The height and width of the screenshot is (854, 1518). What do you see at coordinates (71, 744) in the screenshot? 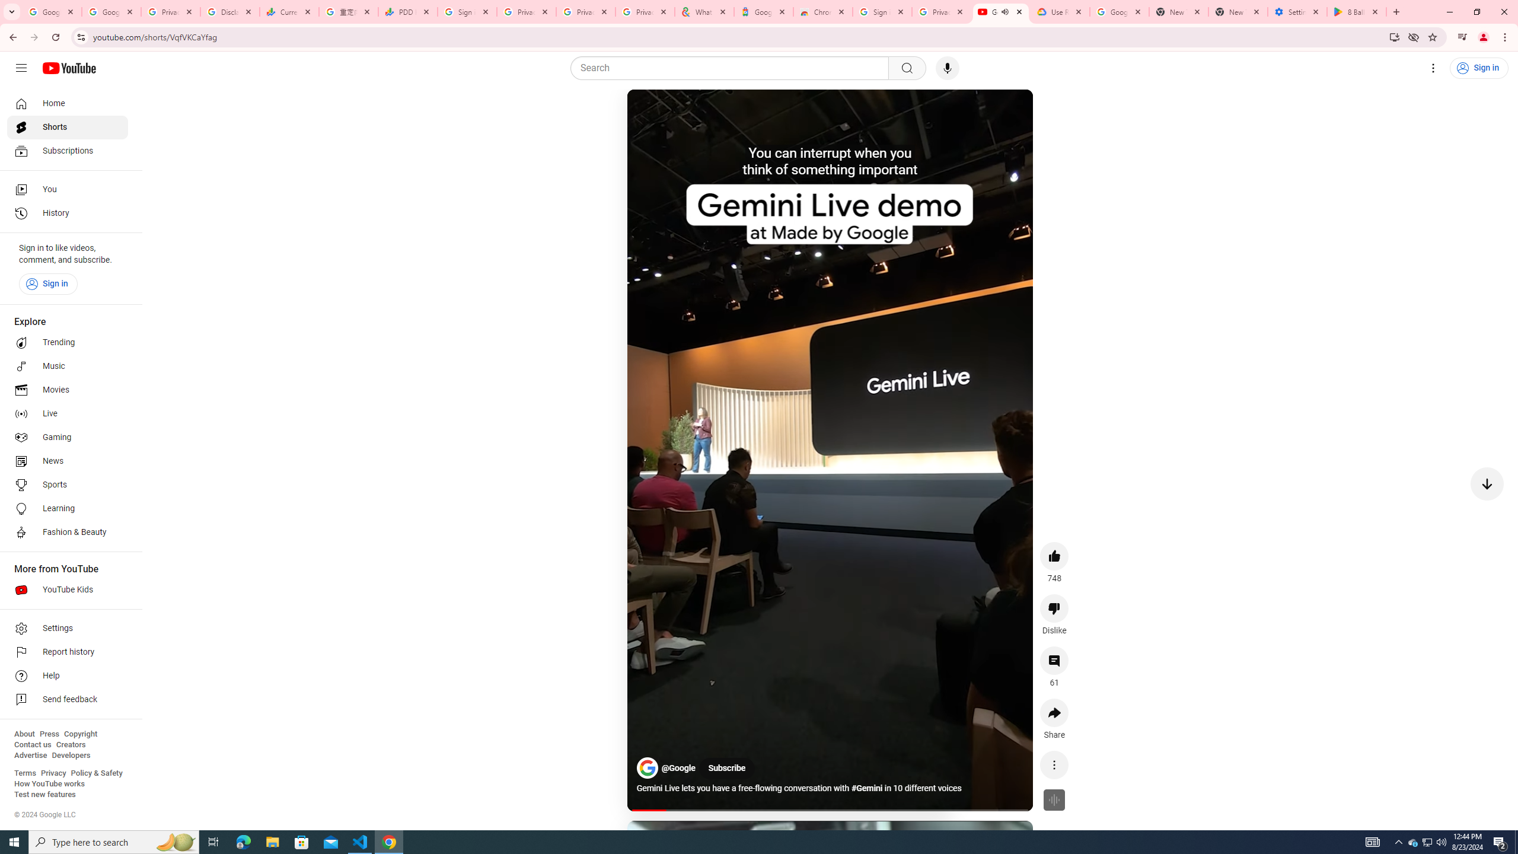
I see `'Creators'` at bounding box center [71, 744].